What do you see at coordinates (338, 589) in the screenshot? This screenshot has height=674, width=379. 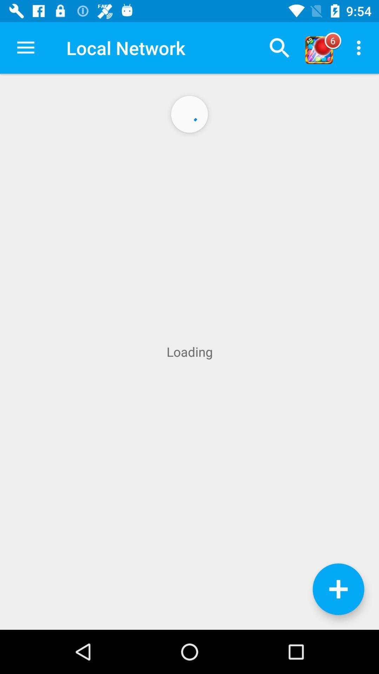 I see `the add icon` at bounding box center [338, 589].